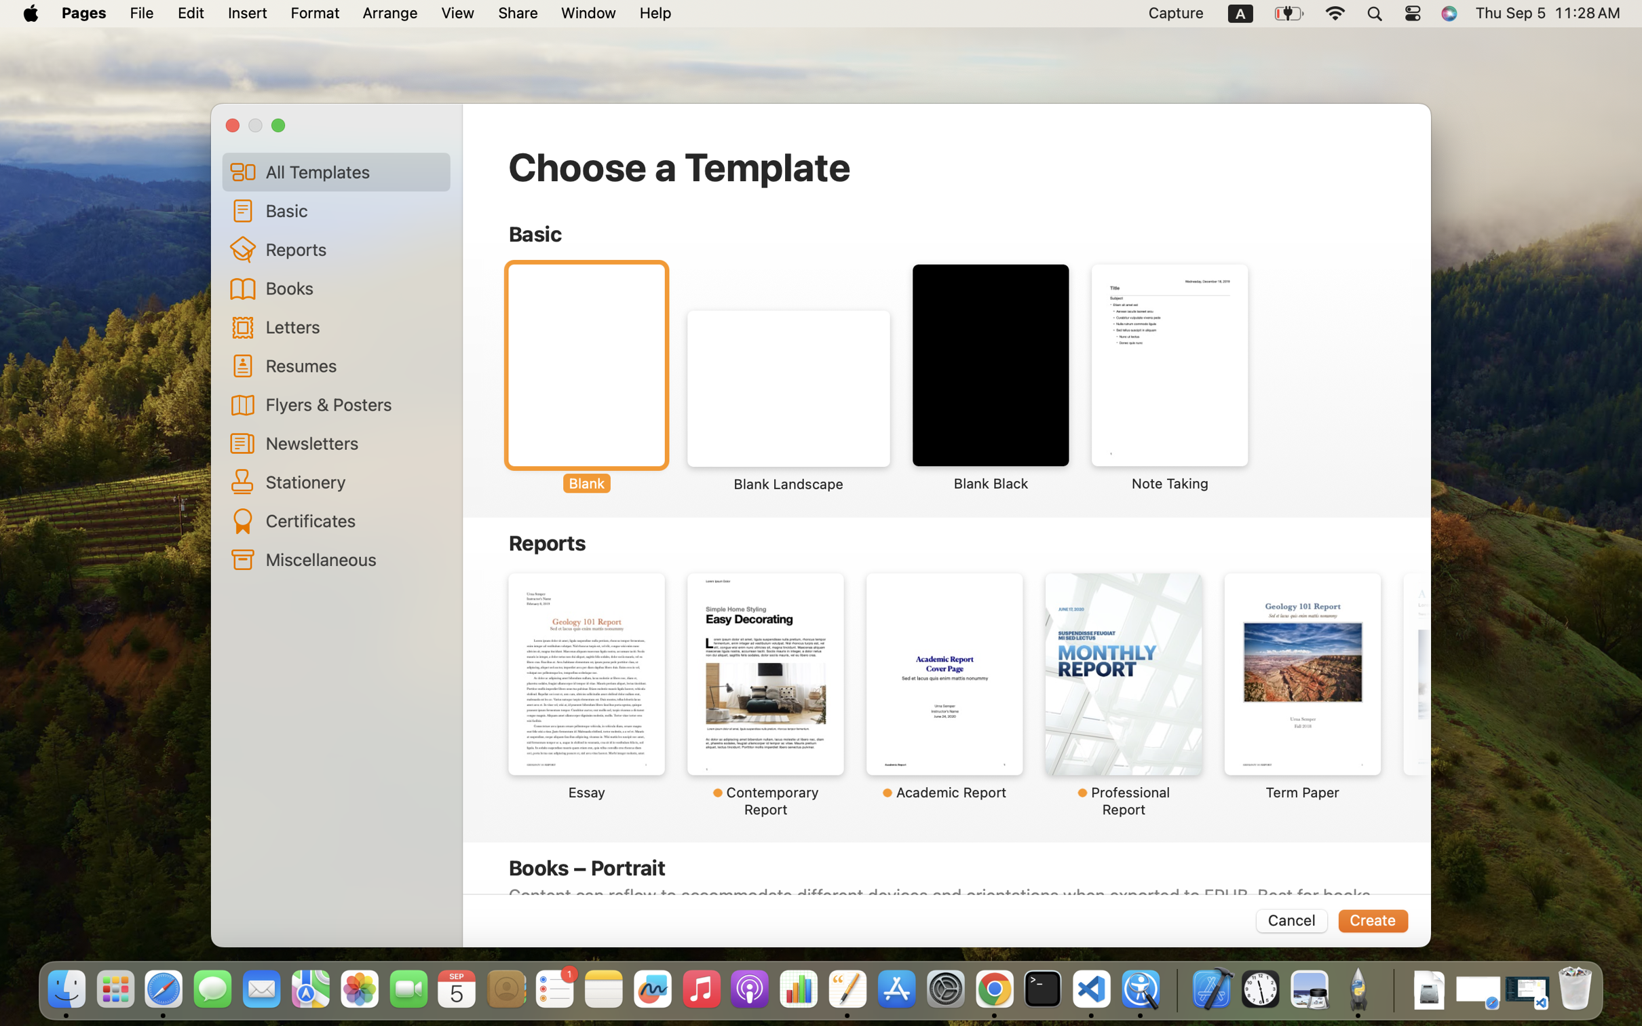  I want to click on 'Newsletters', so click(353, 442).